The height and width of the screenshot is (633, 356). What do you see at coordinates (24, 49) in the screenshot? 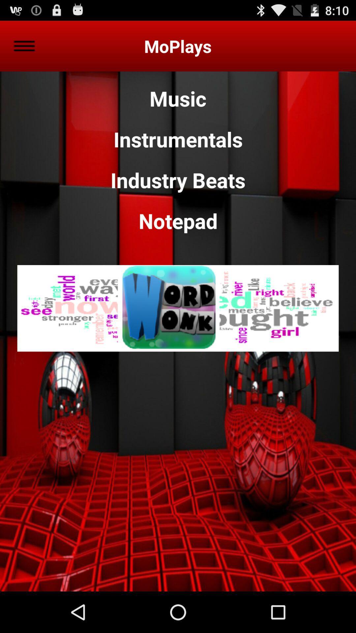
I see `the menu icon` at bounding box center [24, 49].